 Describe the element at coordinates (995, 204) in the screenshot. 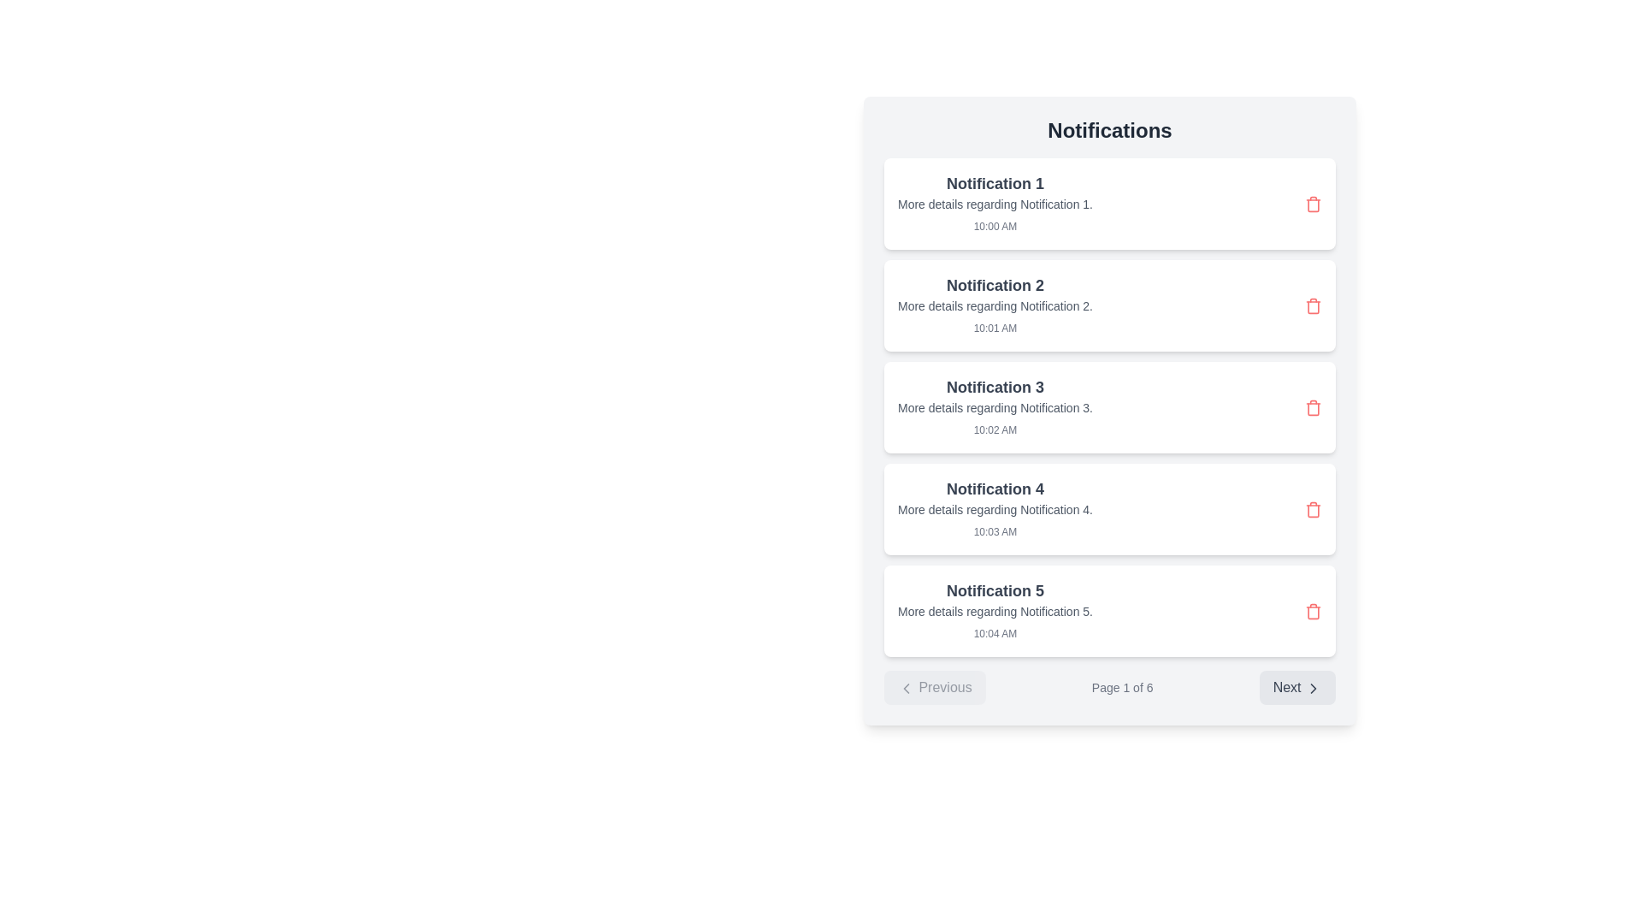

I see `text label located within the first notification card, positioned below the main title 'Notification 1'` at that location.